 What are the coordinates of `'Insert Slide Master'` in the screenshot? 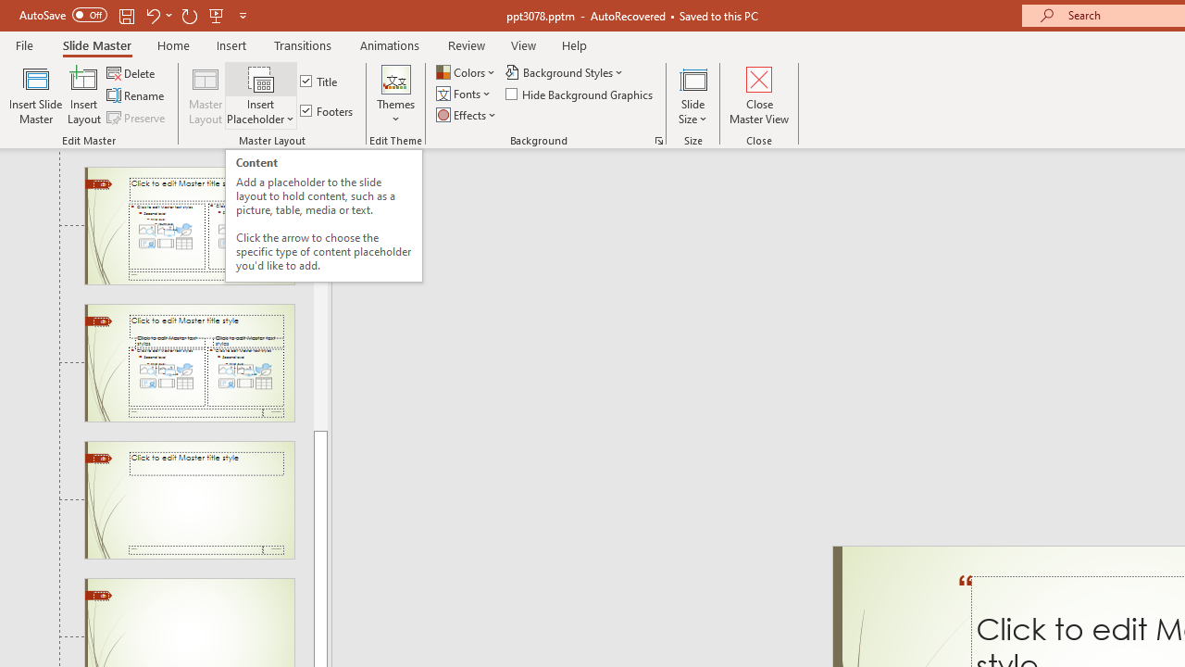 It's located at (36, 95).